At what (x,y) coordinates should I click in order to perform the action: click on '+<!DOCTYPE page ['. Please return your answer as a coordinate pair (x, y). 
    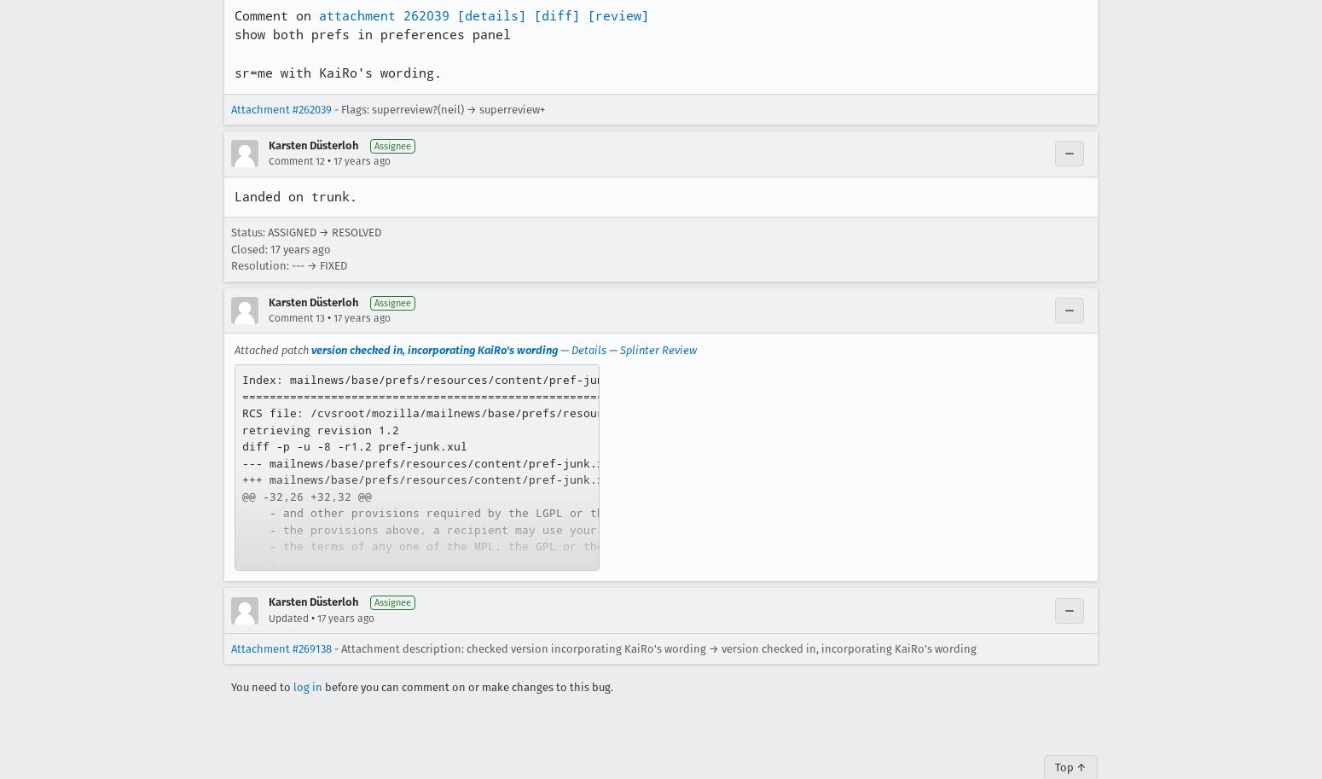
    Looking at the image, I should click on (299, 662).